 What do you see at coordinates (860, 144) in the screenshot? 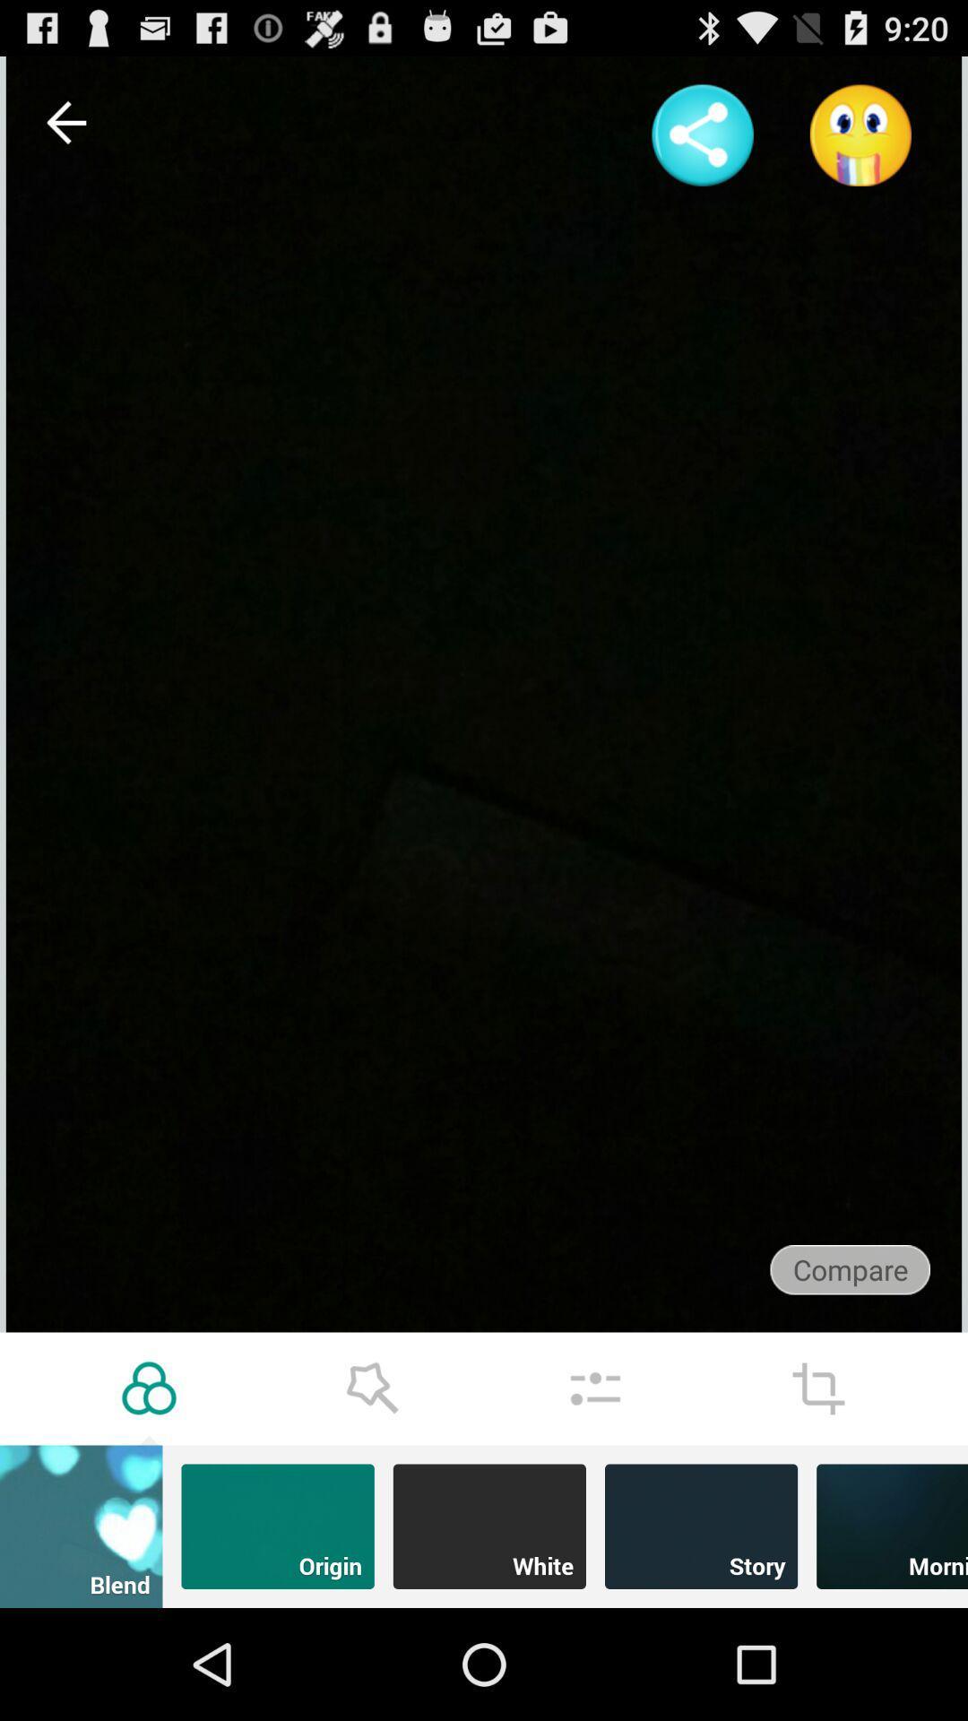
I see `the emoji icon` at bounding box center [860, 144].